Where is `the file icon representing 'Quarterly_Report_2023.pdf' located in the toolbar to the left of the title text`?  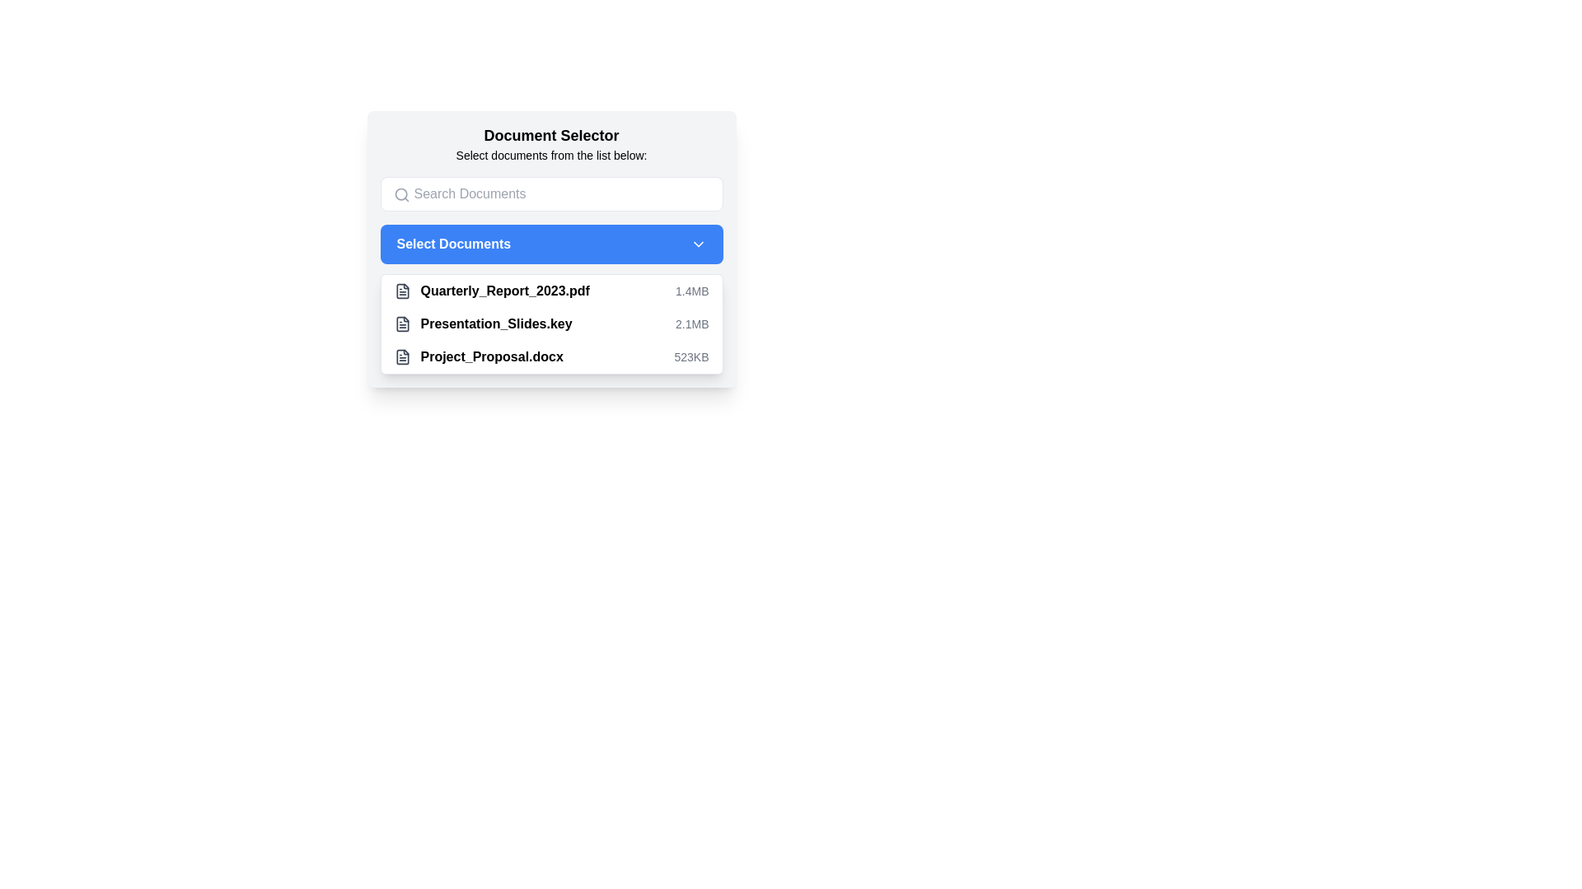
the file icon representing 'Quarterly_Report_2023.pdf' located in the toolbar to the left of the title text is located at coordinates (402, 323).